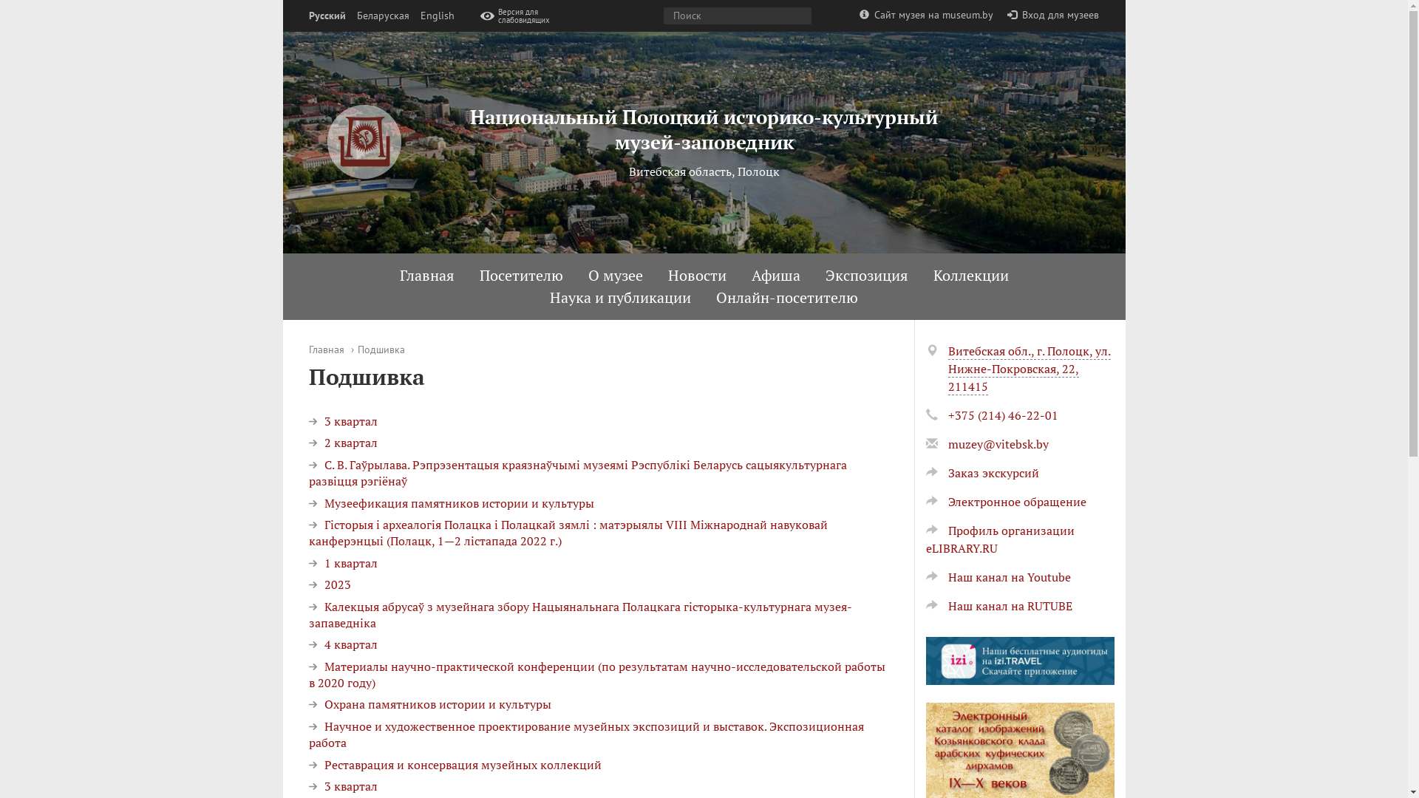 Image resolution: width=1419 pixels, height=798 pixels. What do you see at coordinates (435, 16) in the screenshot?
I see `'English'` at bounding box center [435, 16].